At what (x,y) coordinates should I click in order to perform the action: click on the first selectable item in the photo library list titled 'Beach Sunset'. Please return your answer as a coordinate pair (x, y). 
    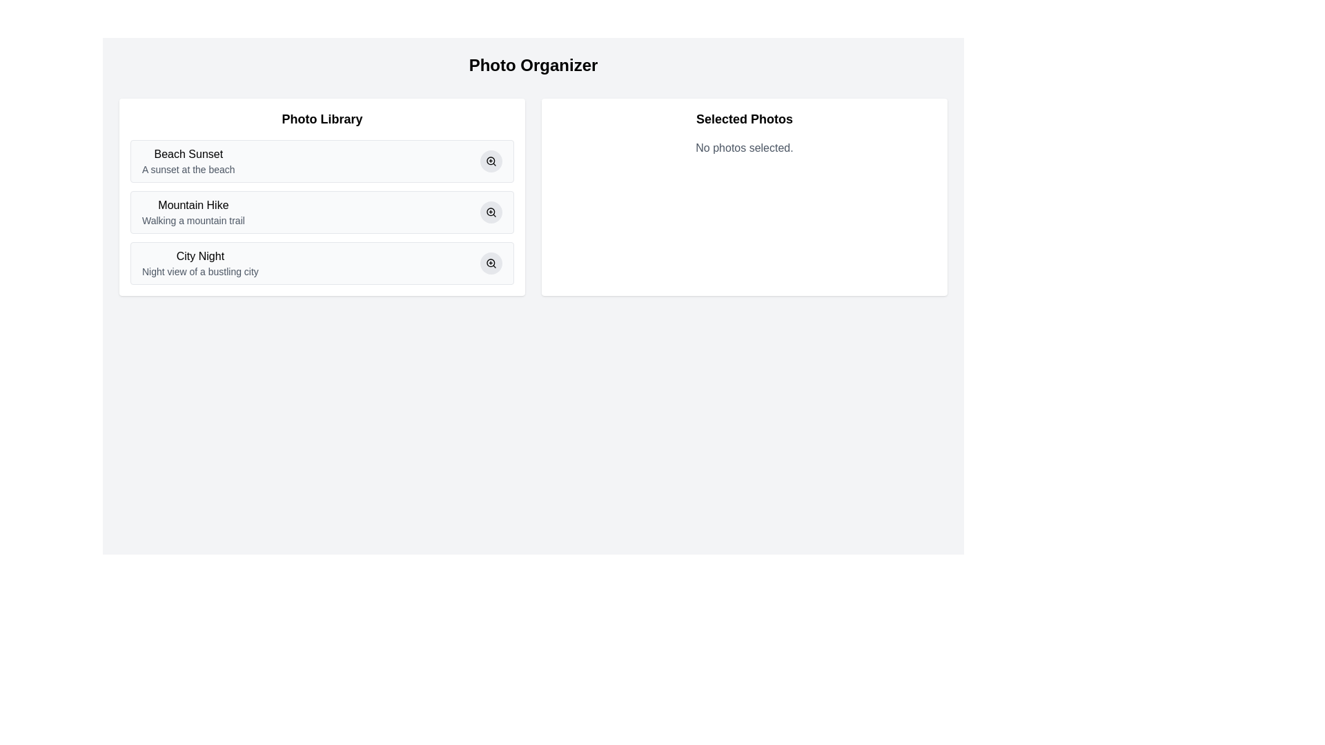
    Looking at the image, I should click on (321, 161).